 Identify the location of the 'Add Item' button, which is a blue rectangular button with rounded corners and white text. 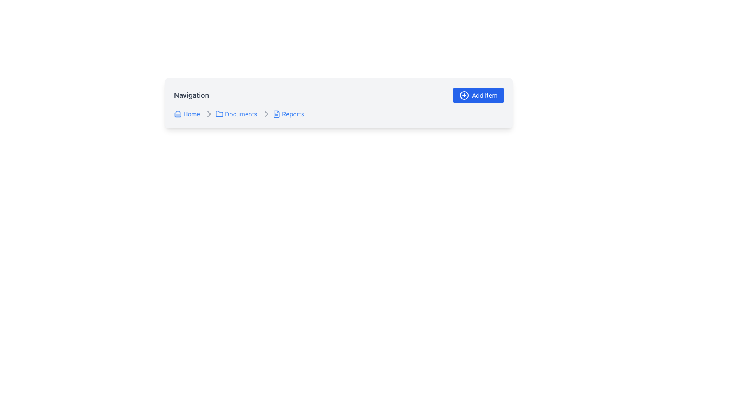
(478, 95).